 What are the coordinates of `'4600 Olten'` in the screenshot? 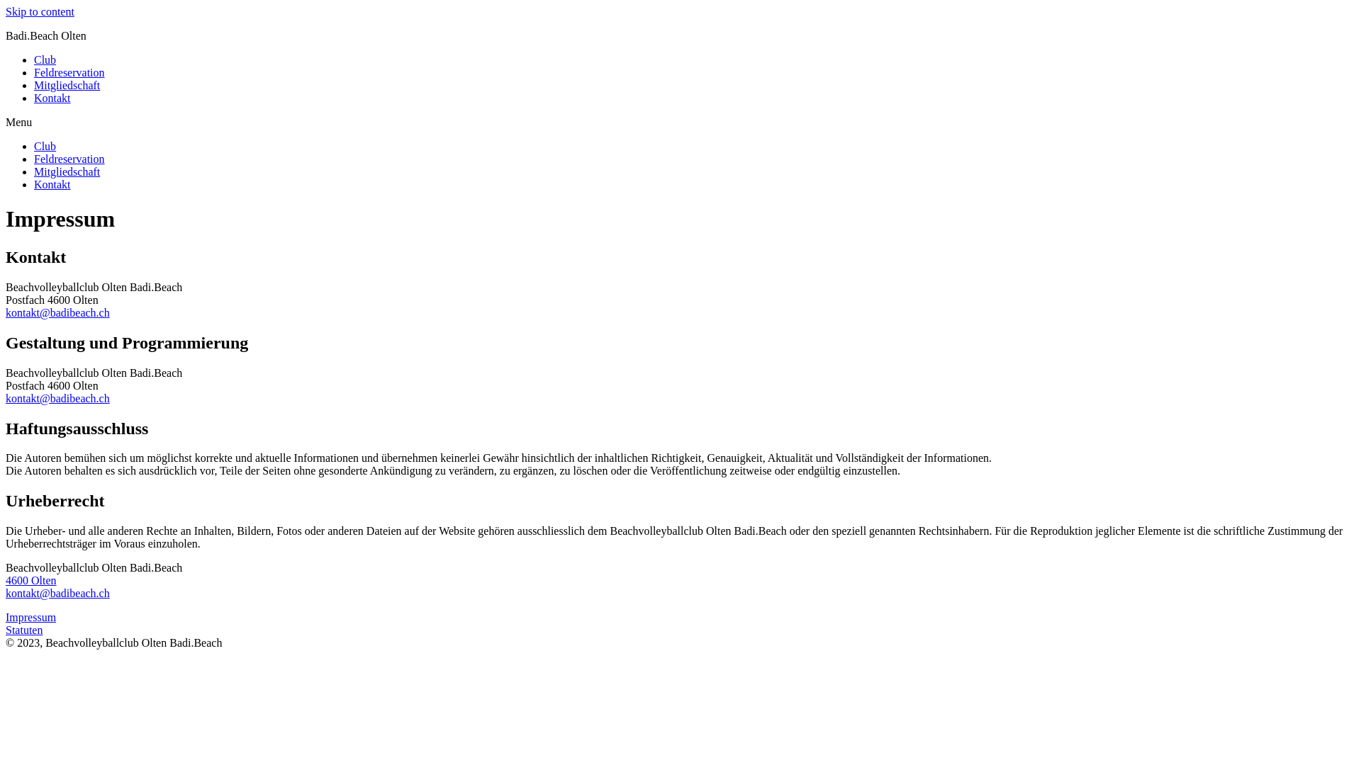 It's located at (30, 580).